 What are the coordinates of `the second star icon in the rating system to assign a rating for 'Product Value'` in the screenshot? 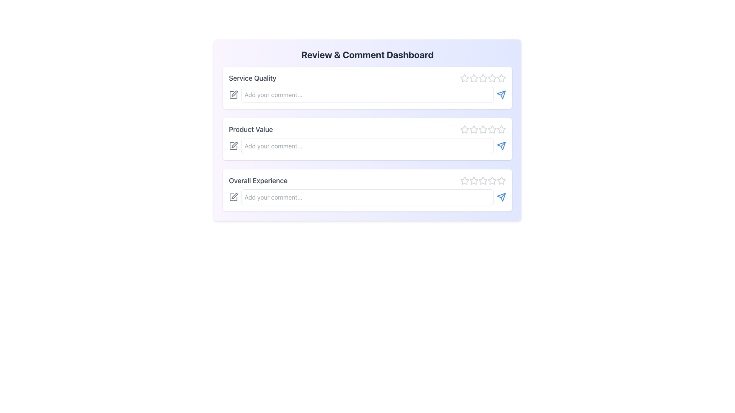 It's located at (474, 129).